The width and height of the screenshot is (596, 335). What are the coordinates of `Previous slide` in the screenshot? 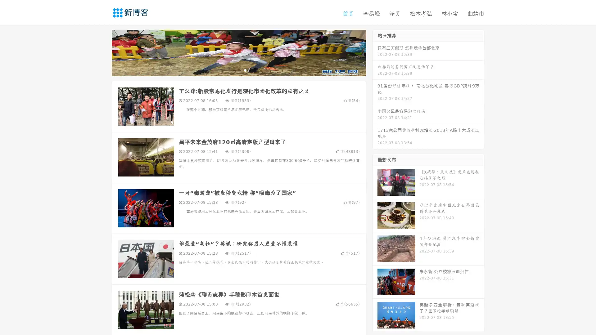 It's located at (102, 52).